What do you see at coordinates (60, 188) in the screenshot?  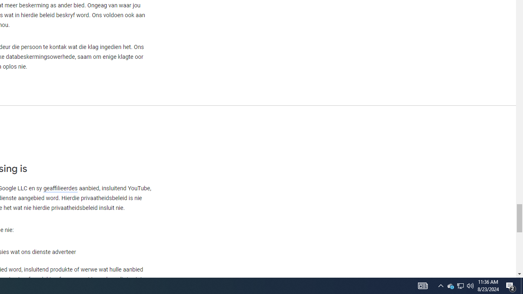 I see `'geaffilieerdes'` at bounding box center [60, 188].